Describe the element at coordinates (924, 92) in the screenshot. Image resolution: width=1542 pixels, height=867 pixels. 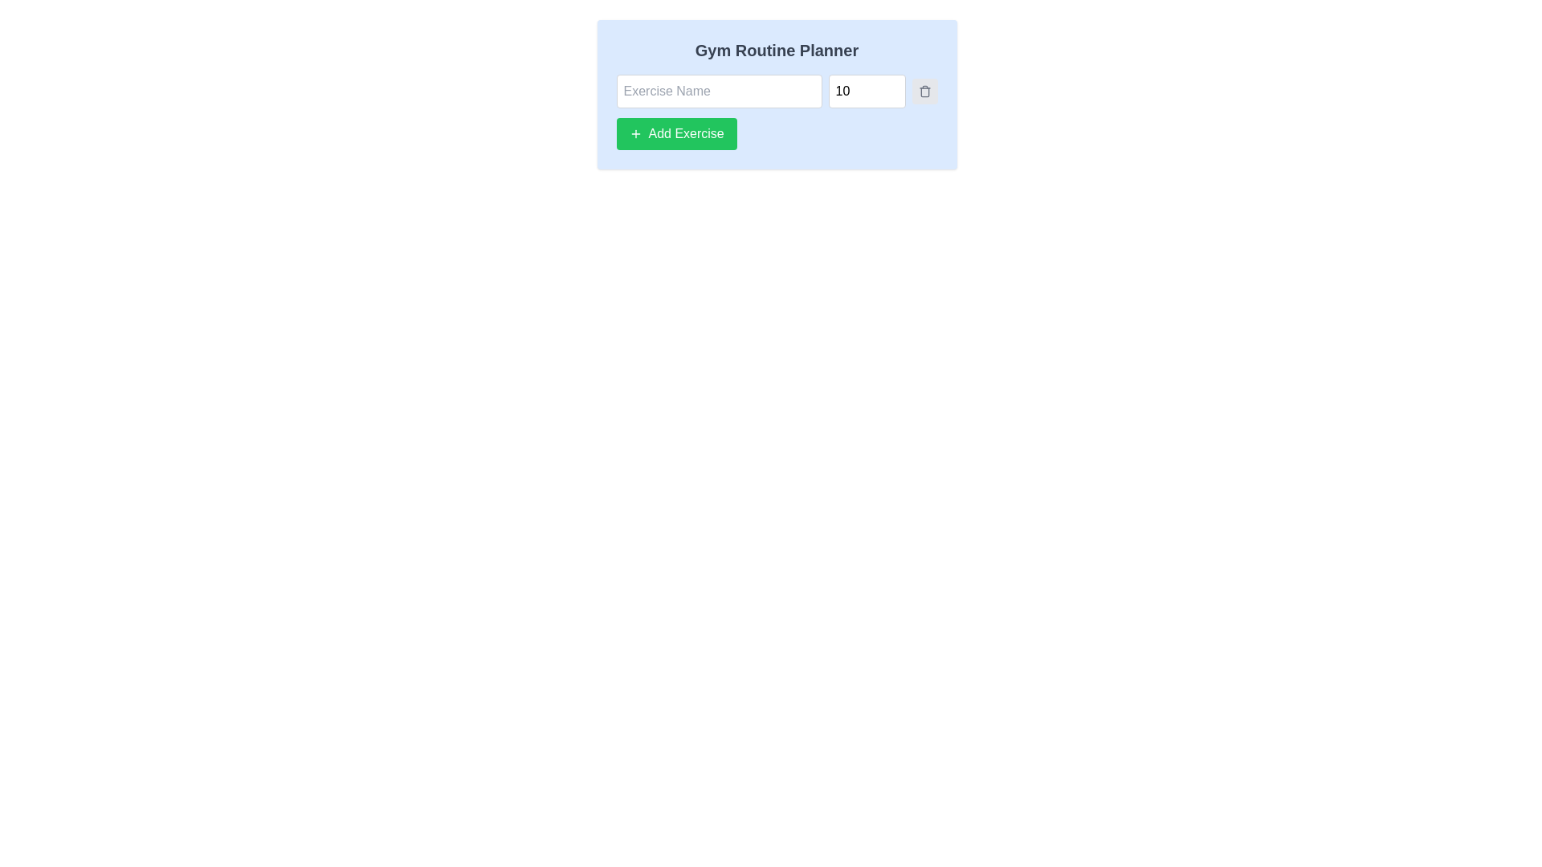
I see `the small, square button with a trash can symbol, which is located on the right side of a numerical input field` at that location.